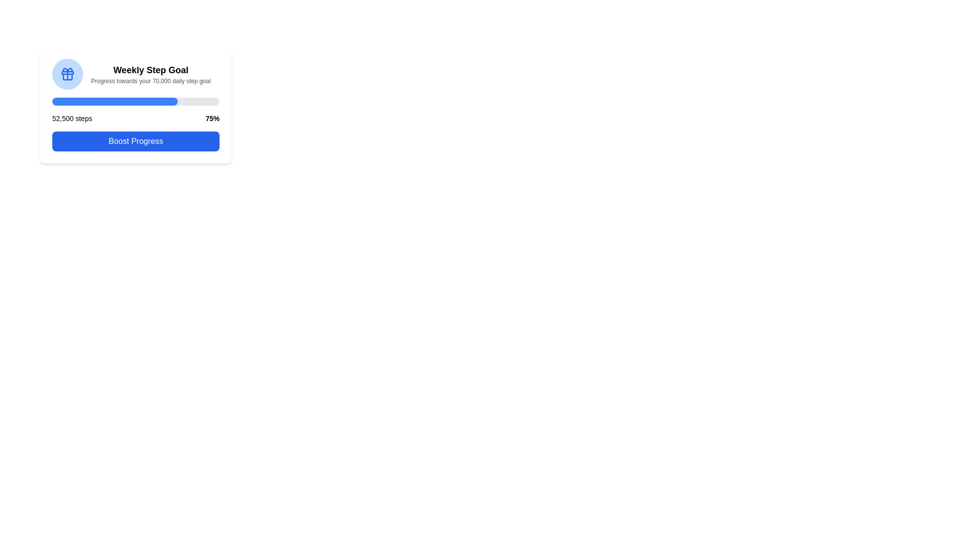  Describe the element at coordinates (135, 141) in the screenshot. I see `the button located at the bottom of the step goals card` at that location.